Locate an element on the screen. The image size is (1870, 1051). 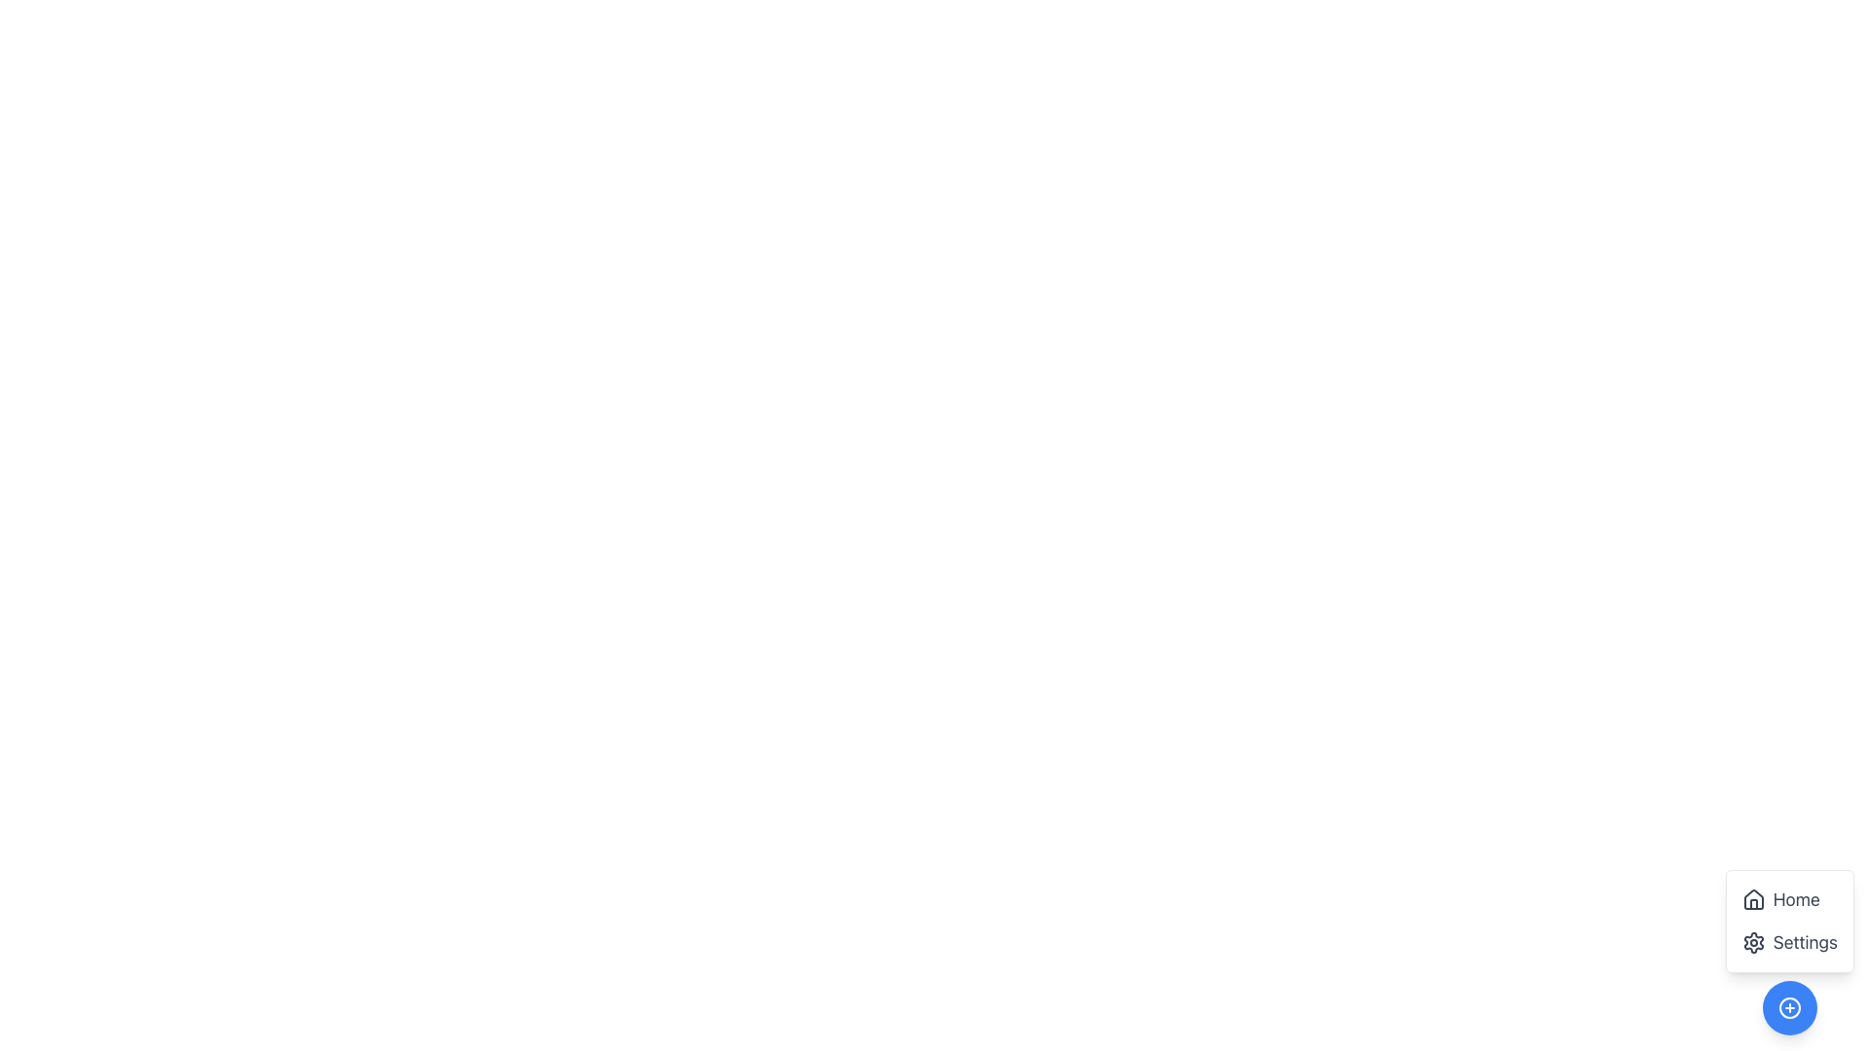
the 'Settings' menu label element, which is displayed in a large gray font and is the second entry is located at coordinates (1804, 941).